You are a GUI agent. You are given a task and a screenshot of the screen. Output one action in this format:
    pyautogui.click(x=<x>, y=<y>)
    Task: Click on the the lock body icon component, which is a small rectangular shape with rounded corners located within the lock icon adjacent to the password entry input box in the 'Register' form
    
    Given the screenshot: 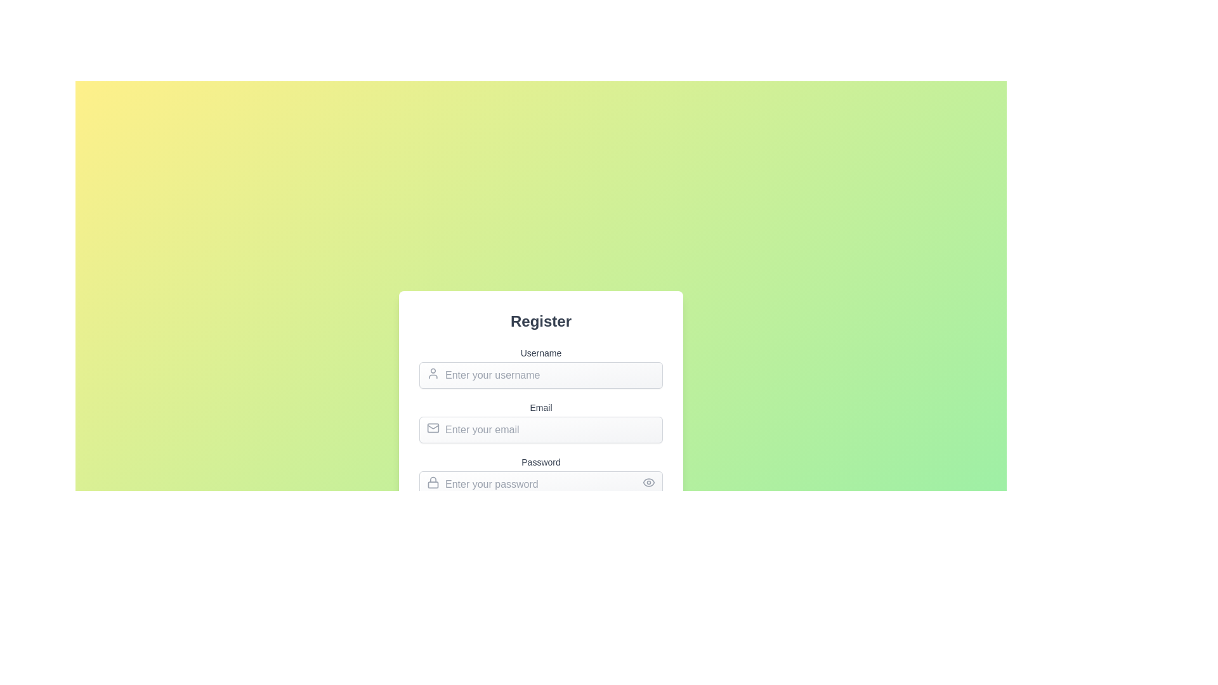 What is the action you would take?
    pyautogui.click(x=433, y=485)
    